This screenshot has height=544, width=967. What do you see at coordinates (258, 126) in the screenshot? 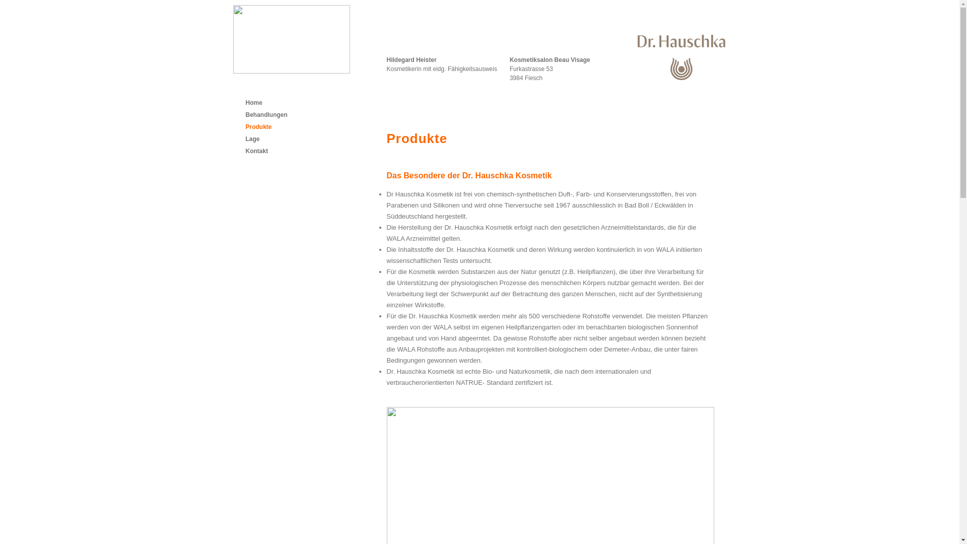
I see `'Produkte'` at bounding box center [258, 126].